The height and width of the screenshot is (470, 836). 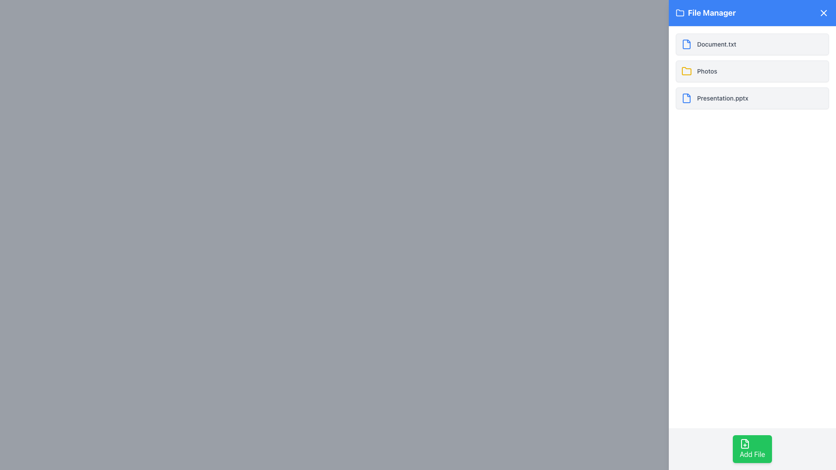 I want to click on the folder icon located, so click(x=686, y=71).